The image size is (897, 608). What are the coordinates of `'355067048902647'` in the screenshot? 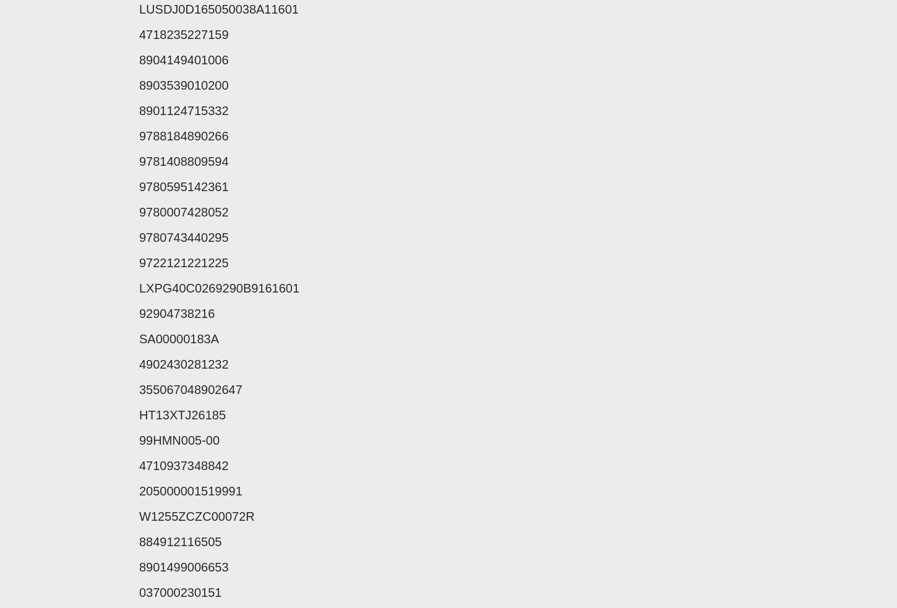 It's located at (190, 390).